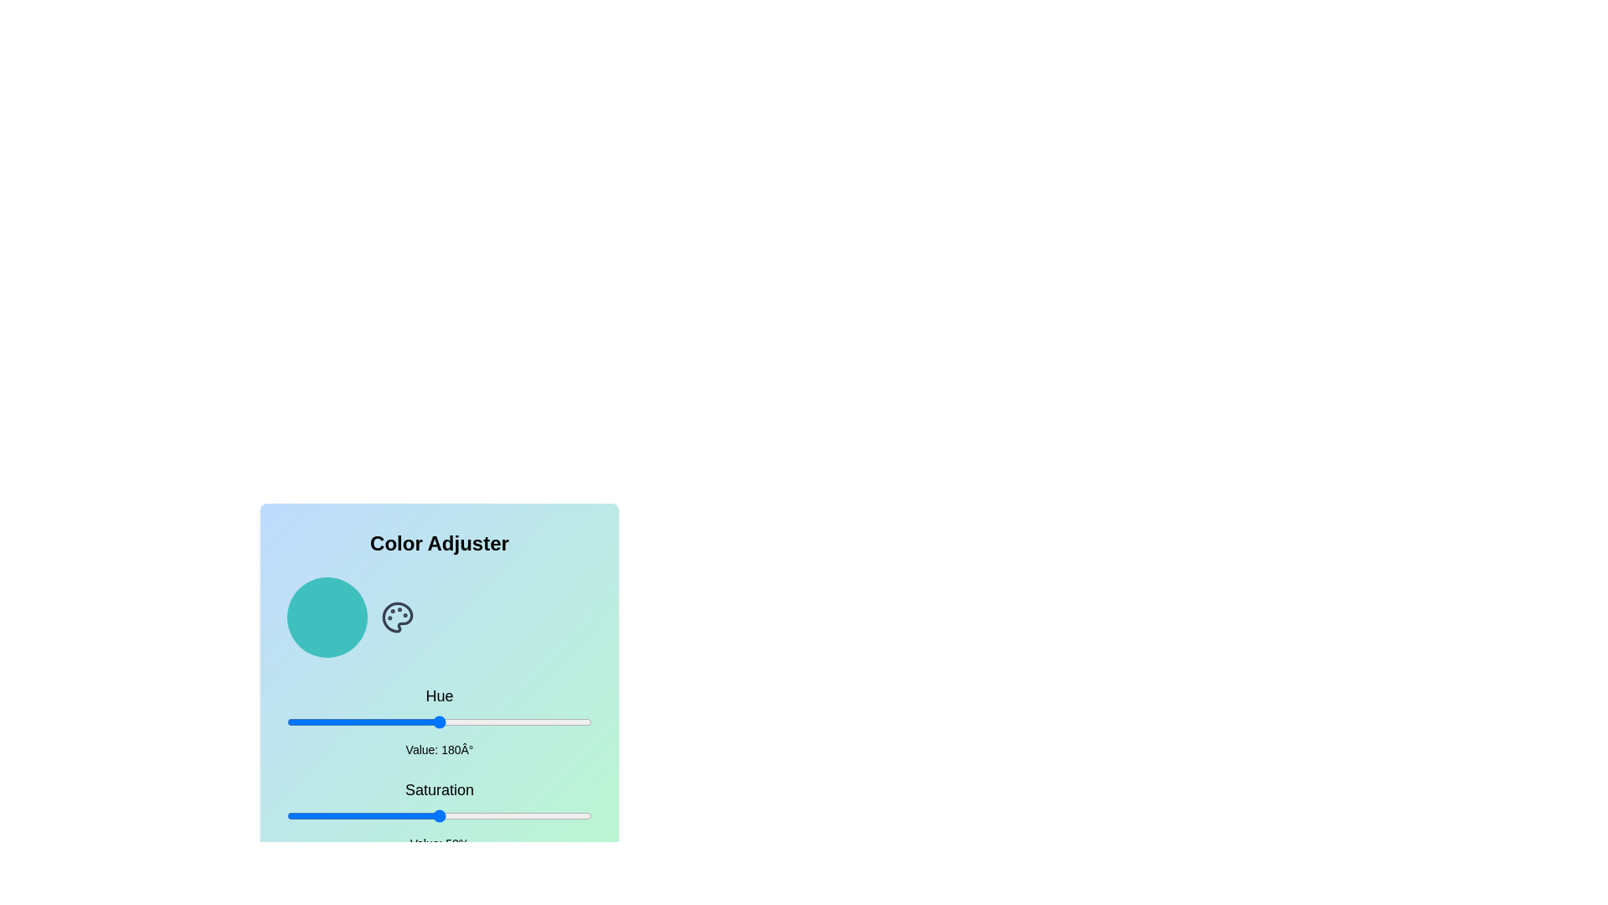 This screenshot has width=1608, height=905. Describe the element at coordinates (427, 815) in the screenshot. I see `the saturation slider to set the saturation to 46%` at that location.